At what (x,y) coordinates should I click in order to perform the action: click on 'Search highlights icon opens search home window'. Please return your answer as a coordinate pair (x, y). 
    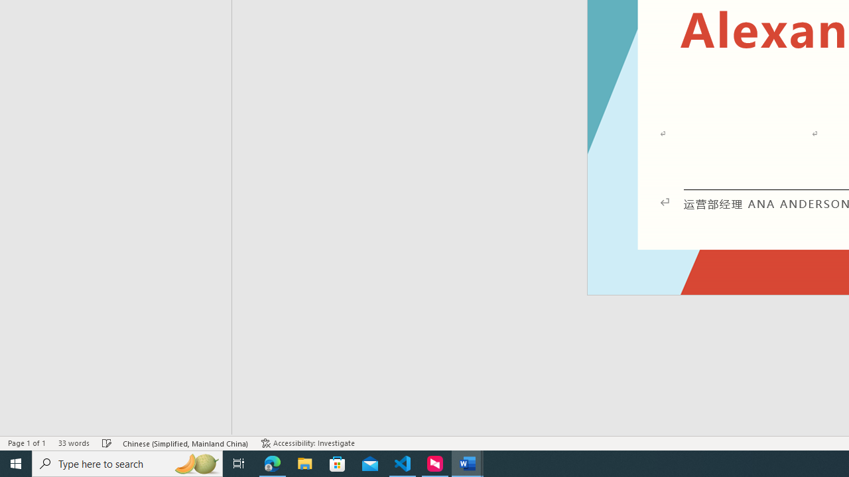
    Looking at the image, I should click on (195, 462).